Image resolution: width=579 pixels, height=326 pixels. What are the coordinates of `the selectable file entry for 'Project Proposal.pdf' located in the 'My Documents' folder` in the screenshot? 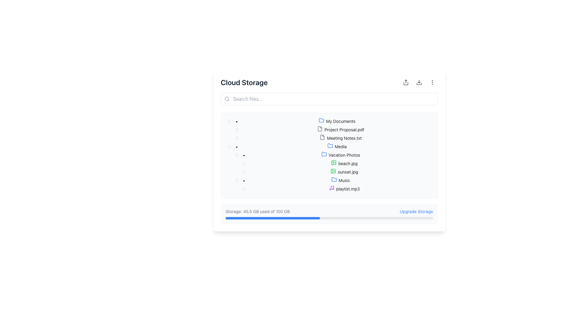 It's located at (340, 129).